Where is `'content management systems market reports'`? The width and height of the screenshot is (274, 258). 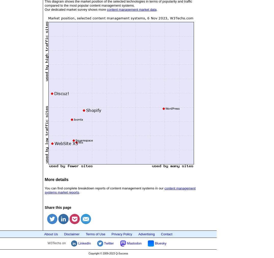 'content management systems market reports' is located at coordinates (120, 190).